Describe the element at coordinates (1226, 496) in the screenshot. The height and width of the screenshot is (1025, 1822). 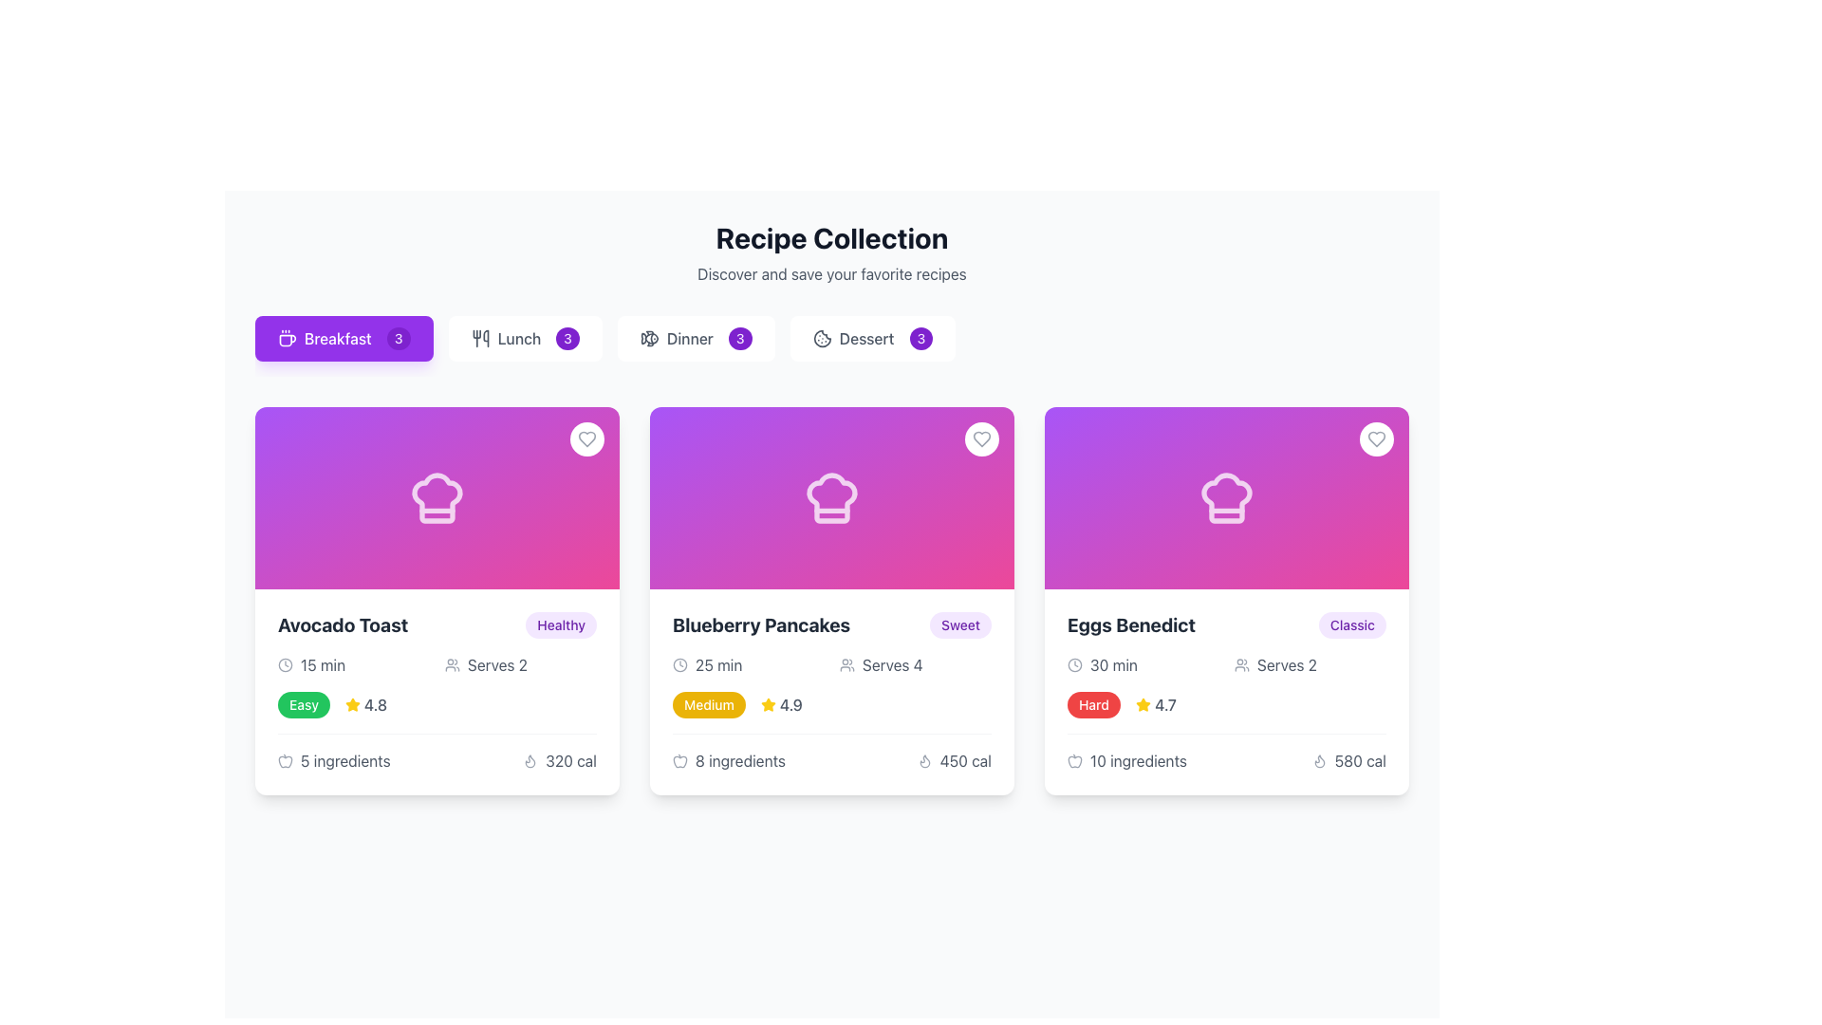
I see `the icon representing the recipe card for 'Eggs Benedict', located at the top center of the card, which serves as a visual branding for culinary content` at that location.